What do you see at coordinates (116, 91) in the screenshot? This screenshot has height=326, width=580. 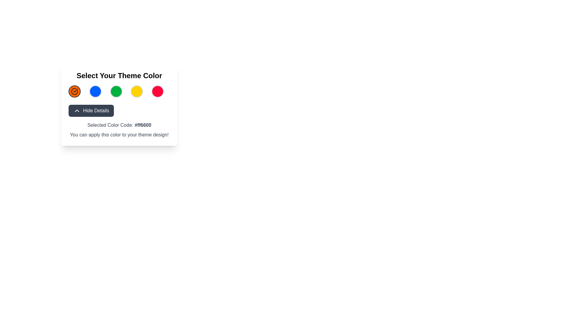 I see `the third circular button under the title 'Select Your Theme Color'` at bounding box center [116, 91].